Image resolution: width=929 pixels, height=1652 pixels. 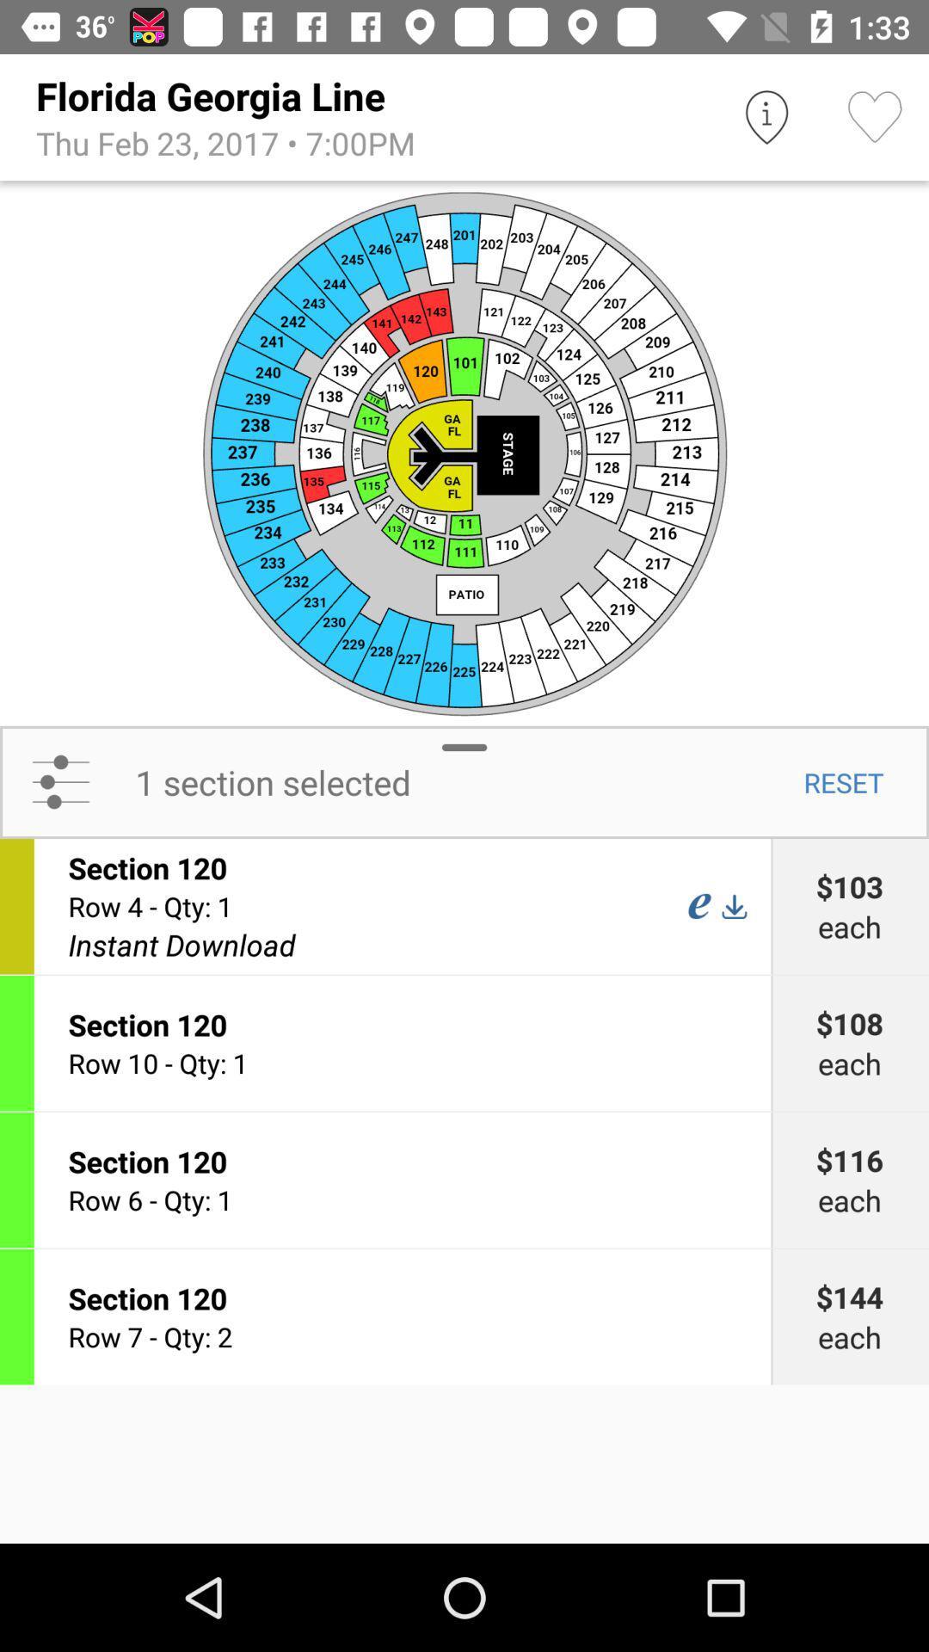 What do you see at coordinates (59, 781) in the screenshot?
I see `the icon to the left of the 1 section selected icon` at bounding box center [59, 781].